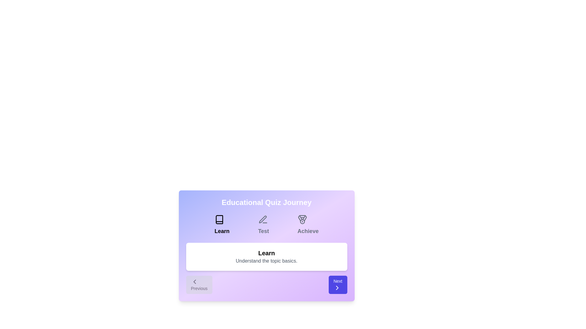 The height and width of the screenshot is (329, 586). I want to click on the Previous button to navigate stages, so click(199, 285).